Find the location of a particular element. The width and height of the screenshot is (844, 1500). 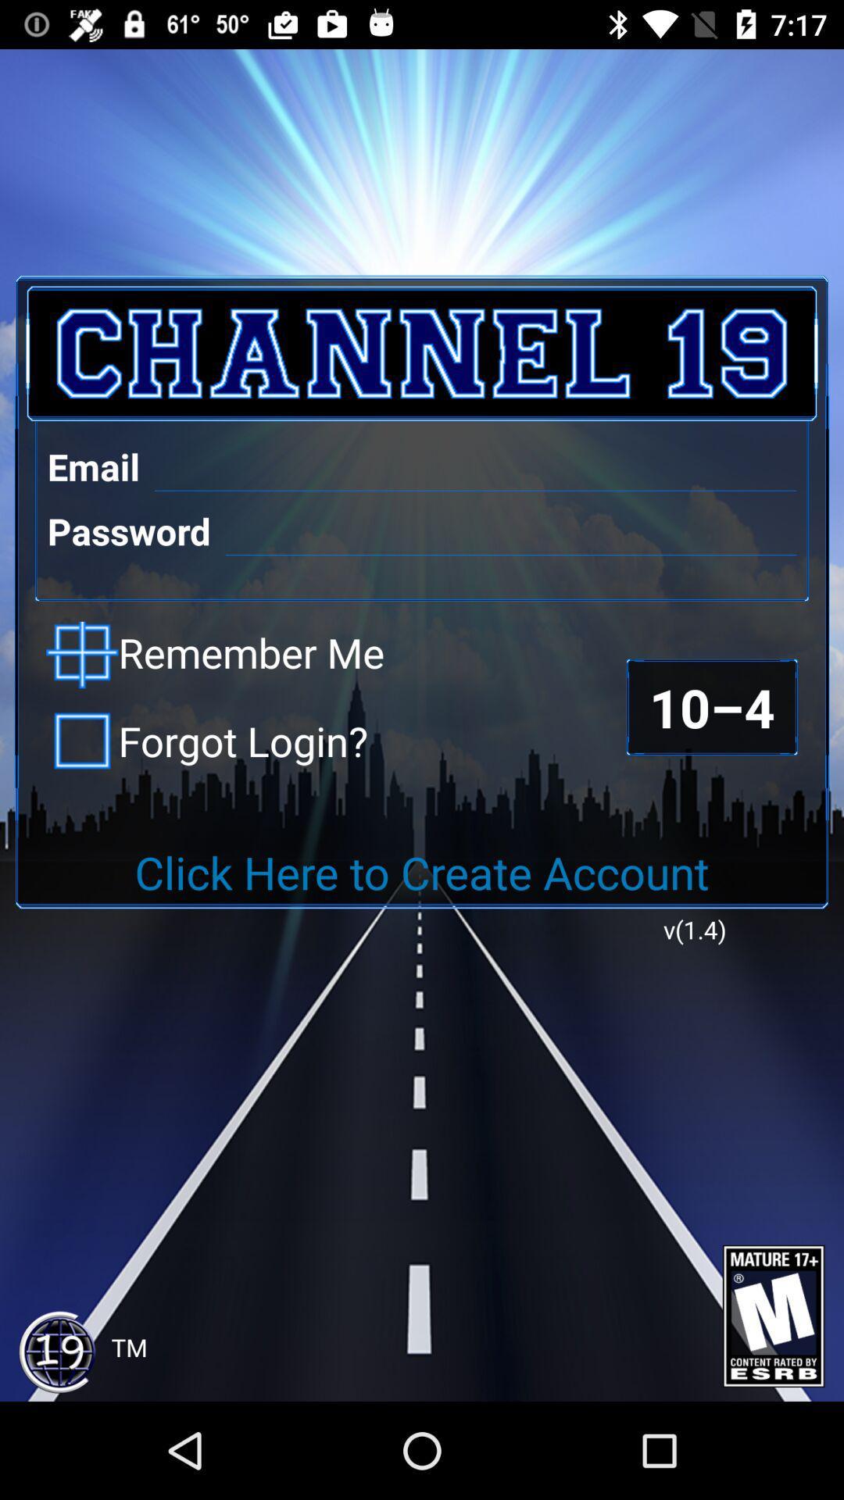

icon below password icon is located at coordinates (215, 655).